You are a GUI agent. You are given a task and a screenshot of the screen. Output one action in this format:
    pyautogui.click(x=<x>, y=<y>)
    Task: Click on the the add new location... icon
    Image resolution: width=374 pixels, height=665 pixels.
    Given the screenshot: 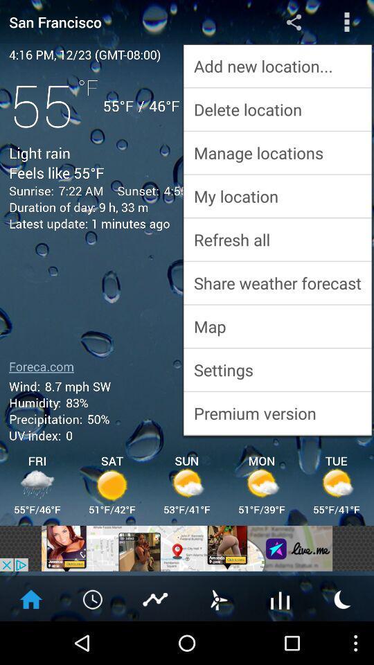 What is the action you would take?
    pyautogui.click(x=277, y=66)
    